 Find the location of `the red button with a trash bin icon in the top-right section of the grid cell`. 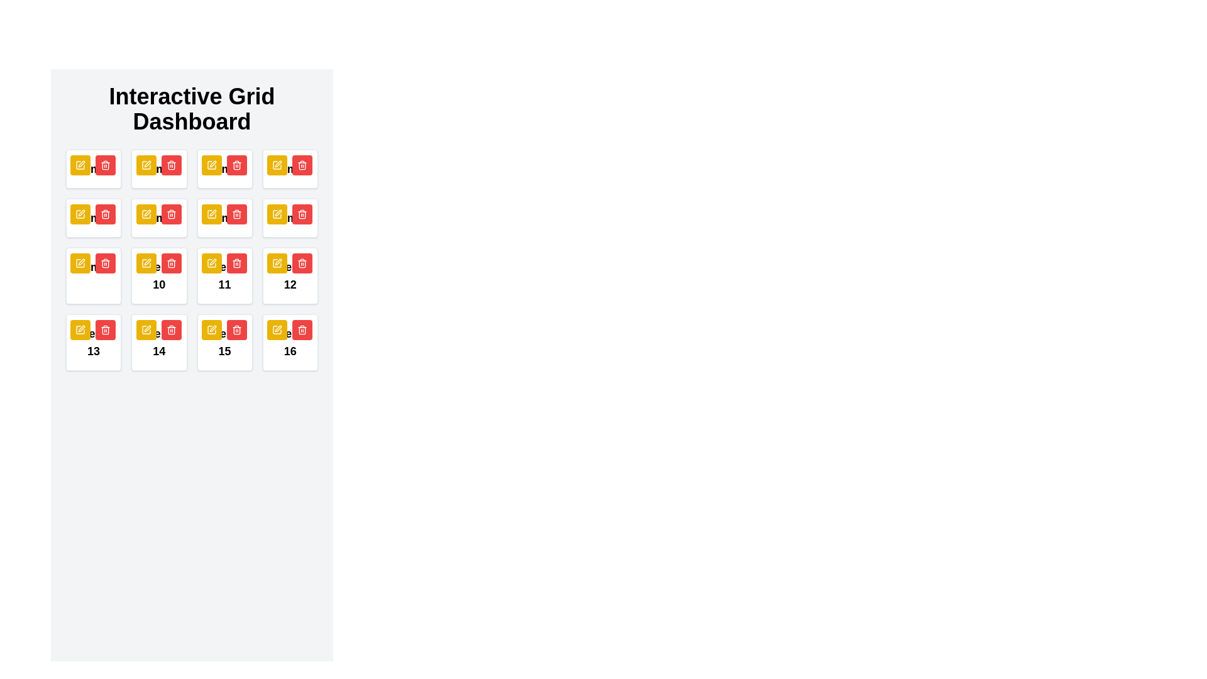

the red button with a trash bin icon in the top-right section of the grid cell is located at coordinates (106, 164).